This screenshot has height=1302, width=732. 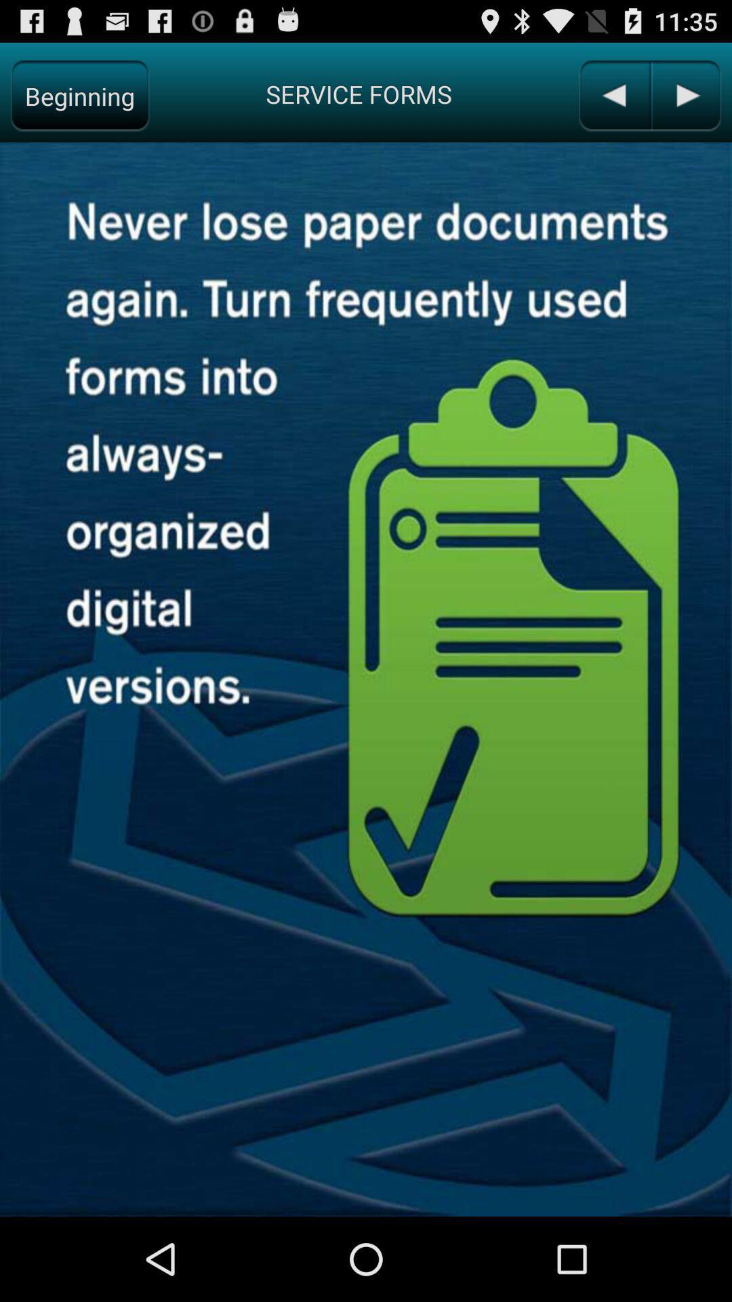 What do you see at coordinates (614, 95) in the screenshot?
I see `previous page` at bounding box center [614, 95].